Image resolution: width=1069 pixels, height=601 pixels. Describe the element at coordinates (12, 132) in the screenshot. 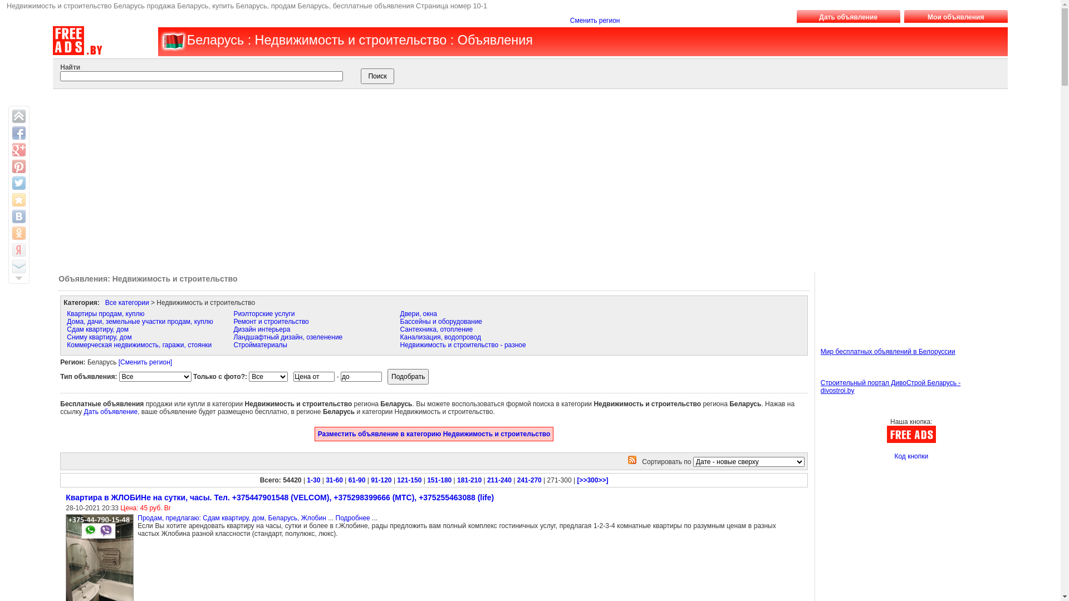

I see `'Share on Facebook'` at that location.